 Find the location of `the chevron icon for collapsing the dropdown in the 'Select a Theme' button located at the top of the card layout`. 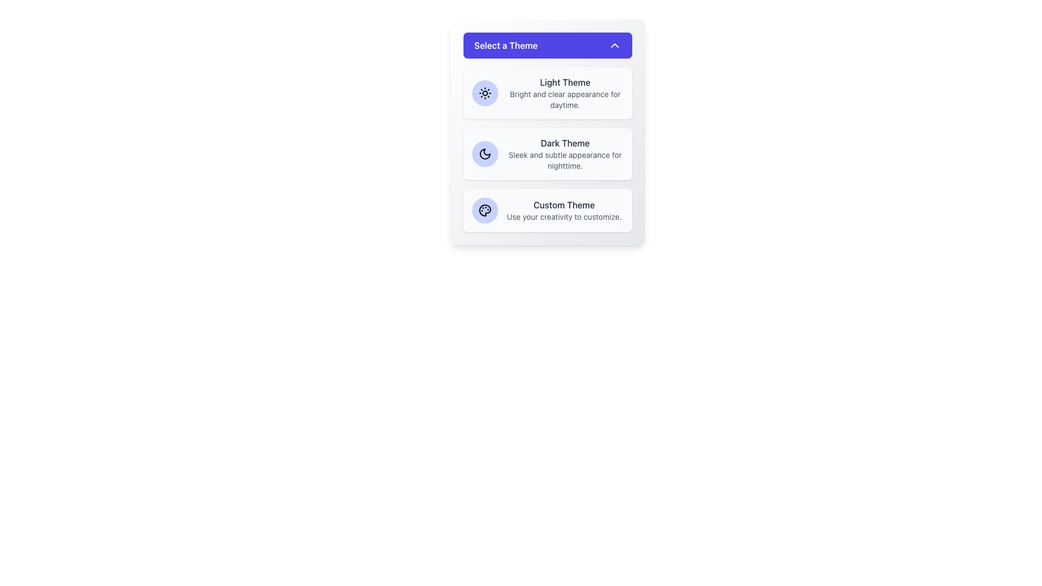

the chevron icon for collapsing the dropdown in the 'Select a Theme' button located at the top of the card layout is located at coordinates (614, 45).